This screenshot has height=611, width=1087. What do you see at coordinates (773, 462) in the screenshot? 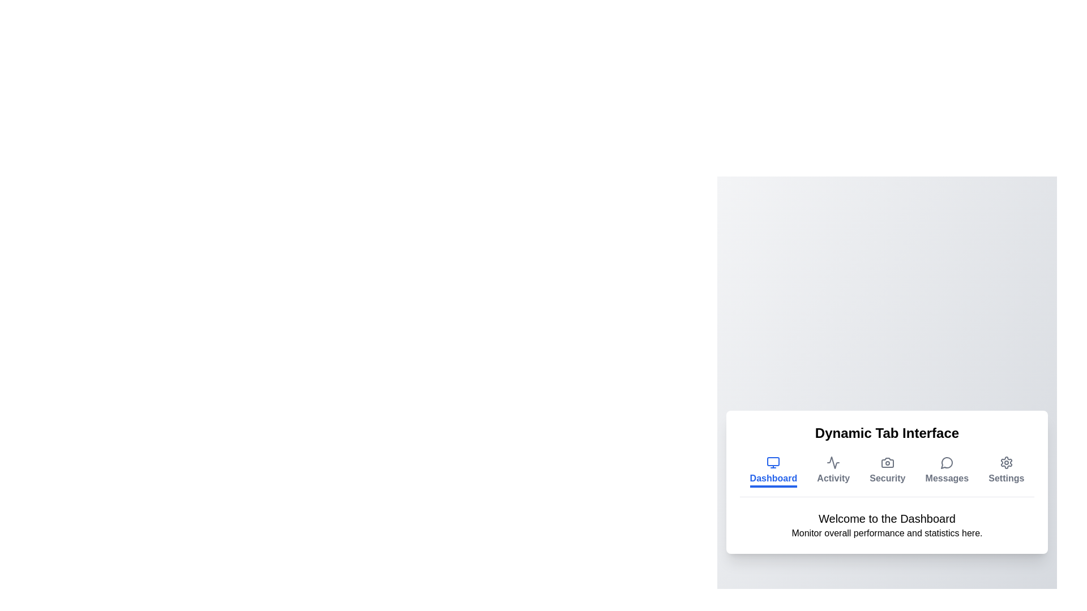
I see `the visual feedback of the 'Dashboard' icon located at the top-left of the navigation bar, which is represented by an SVG-based line drawing` at bounding box center [773, 462].